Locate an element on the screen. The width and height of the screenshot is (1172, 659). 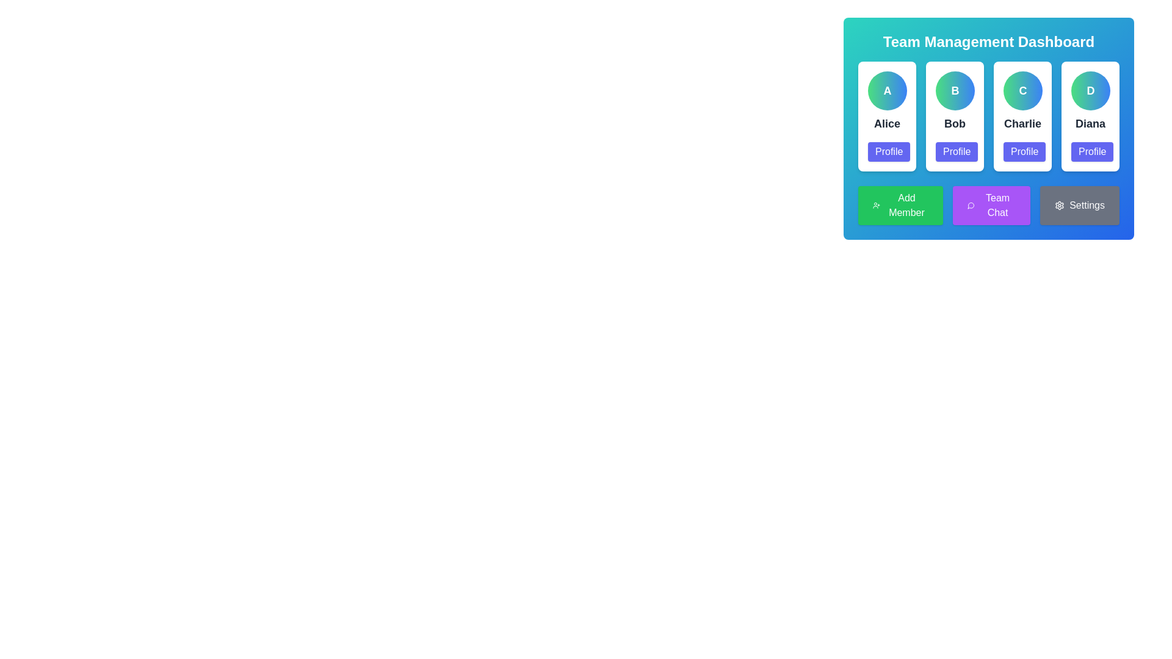
the text element displaying 'Charlie' in bold font, located centrally within a card structure in the third column, beneath a circular icon labeled 'C' and above a button labeled 'Profile' is located at coordinates (1022, 124).